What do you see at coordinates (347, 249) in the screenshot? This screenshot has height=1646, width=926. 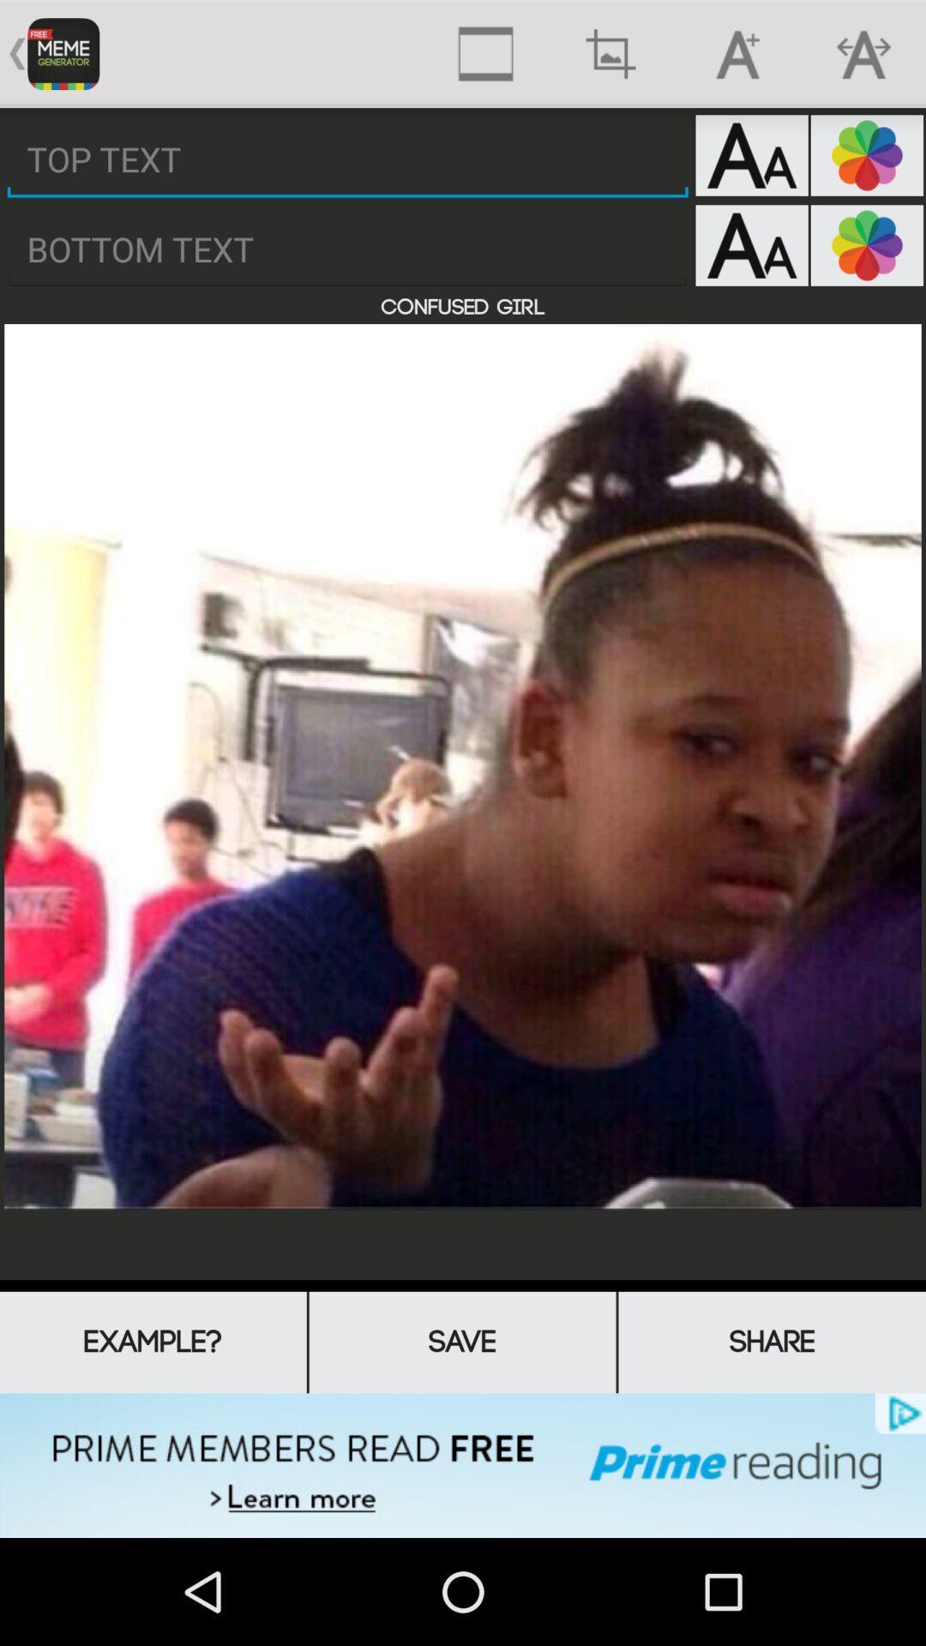 I see `bottom text` at bounding box center [347, 249].